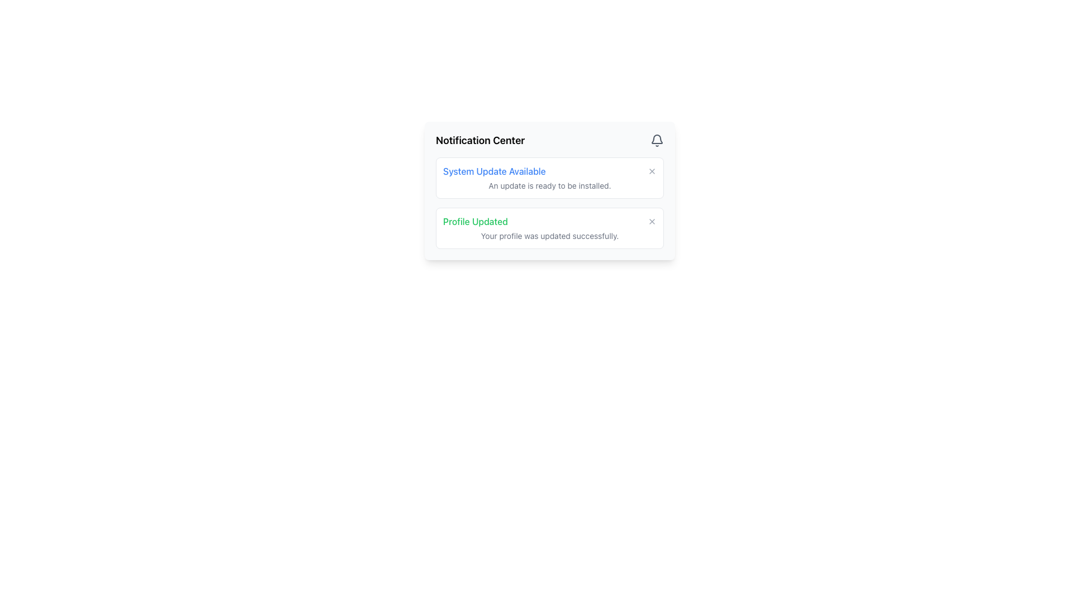  Describe the element at coordinates (652, 222) in the screenshot. I see `the dismiss button of the 'Profile Updated' notification to change its color to red` at that location.